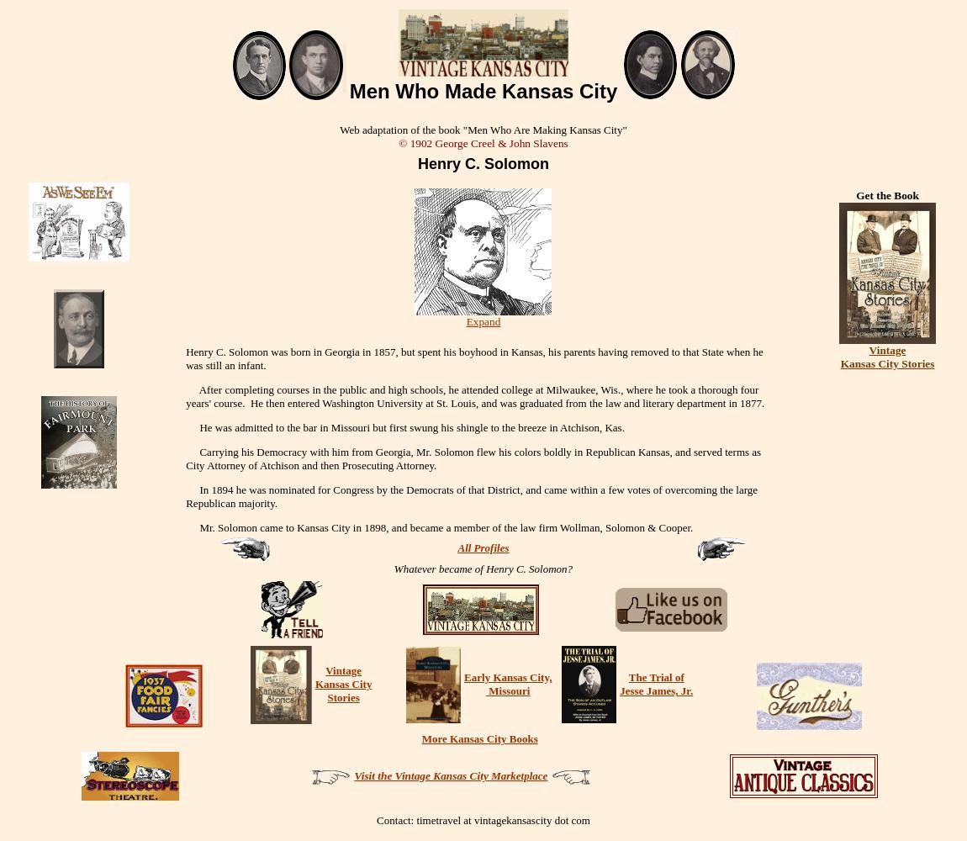 This screenshot has height=841, width=967. What do you see at coordinates (185, 526) in the screenshot?
I see `'Mr. Solomon came to Kansas City in 1898, and
          became a member of the law firm Wollman, Solomon & Cooper.'` at bounding box center [185, 526].